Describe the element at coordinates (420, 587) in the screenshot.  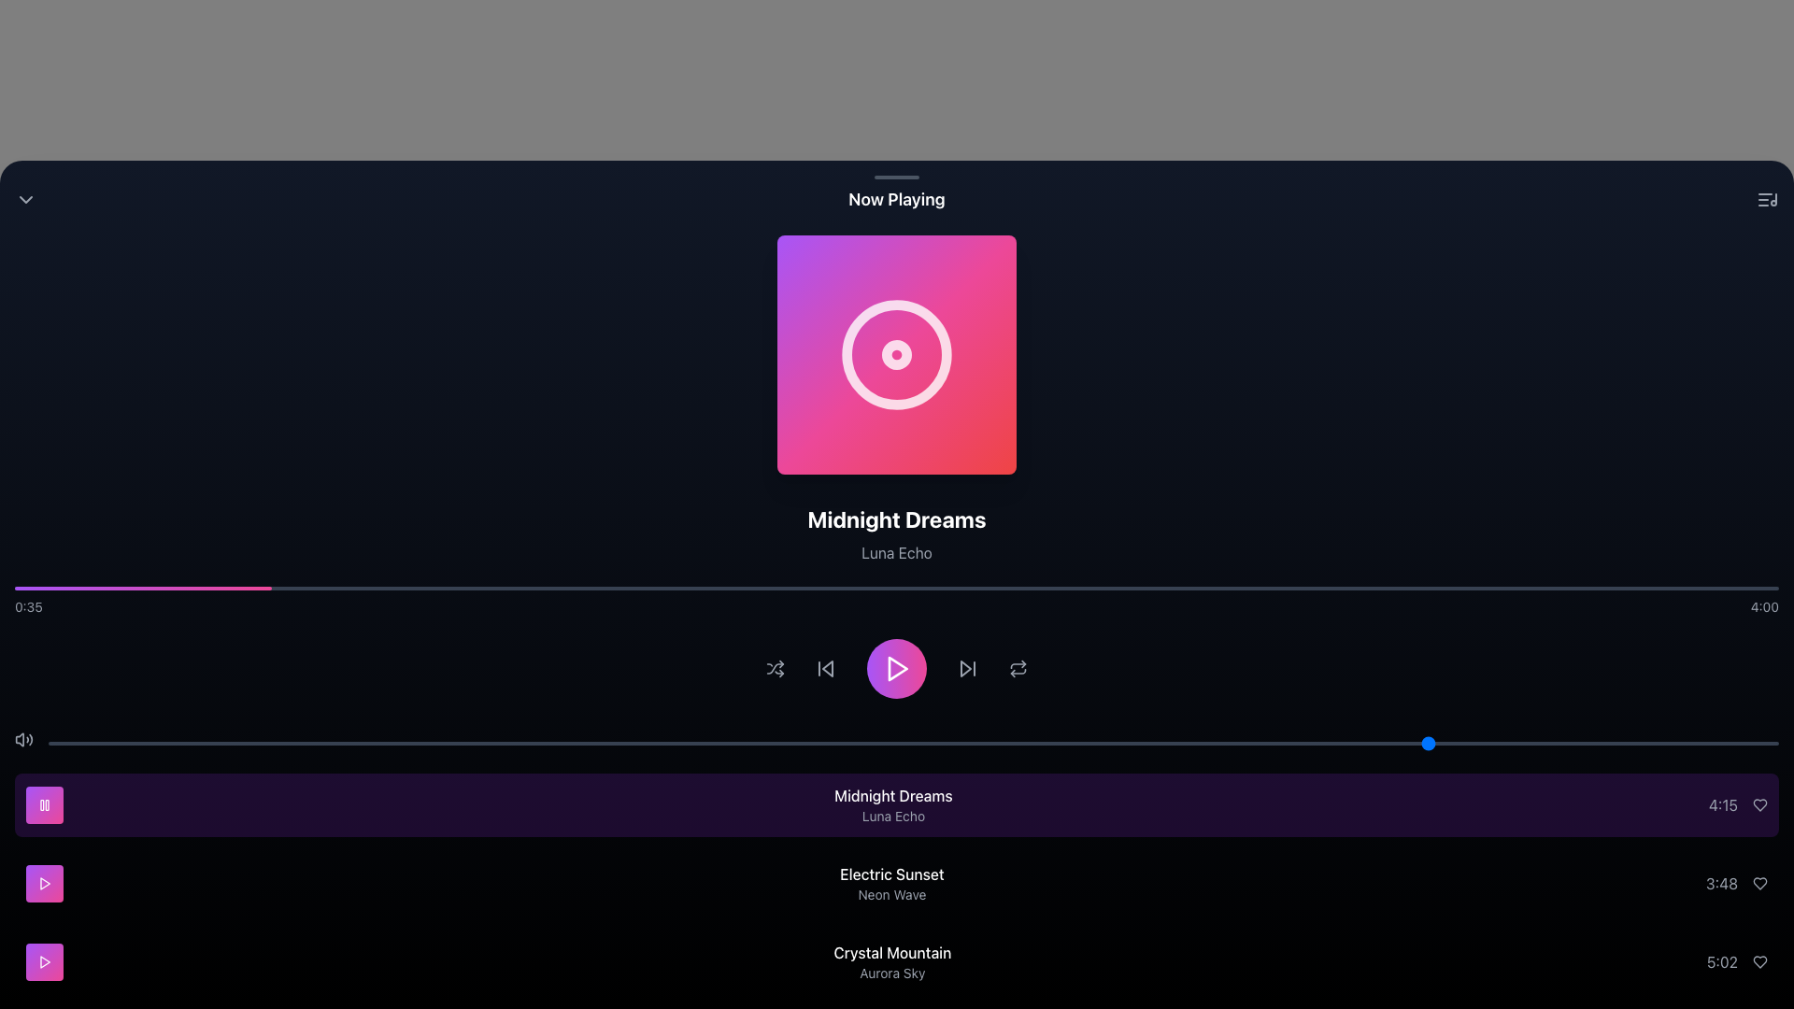
I see `the progress of the media` at that location.